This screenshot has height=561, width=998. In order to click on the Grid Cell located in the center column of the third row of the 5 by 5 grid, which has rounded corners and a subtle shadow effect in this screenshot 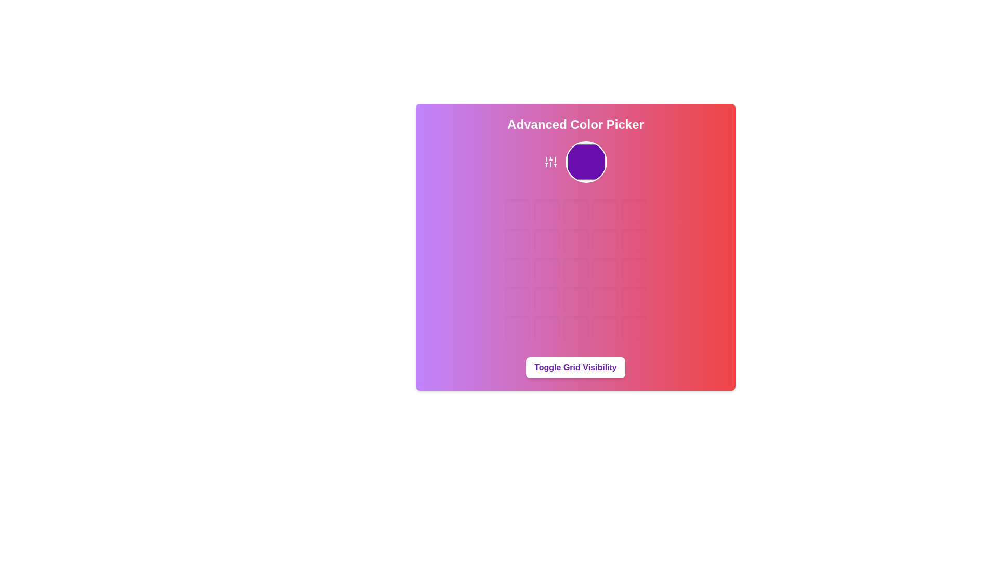, I will do `click(575, 270)`.